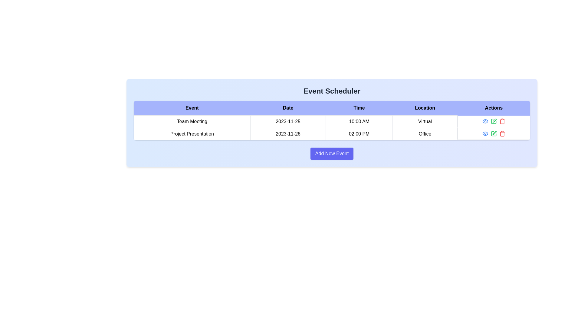 This screenshot has height=326, width=581. I want to click on the text label styled as a table cell with the text 'Office', located in the 'Location' column under the event 'Project Presentation' on 2023-11-26 at 02:00 PM, so click(425, 133).